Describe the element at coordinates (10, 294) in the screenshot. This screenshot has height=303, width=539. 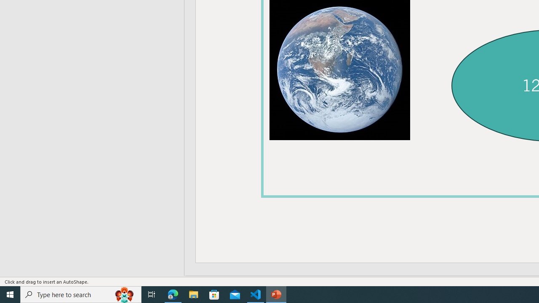
I see `'Start'` at that location.